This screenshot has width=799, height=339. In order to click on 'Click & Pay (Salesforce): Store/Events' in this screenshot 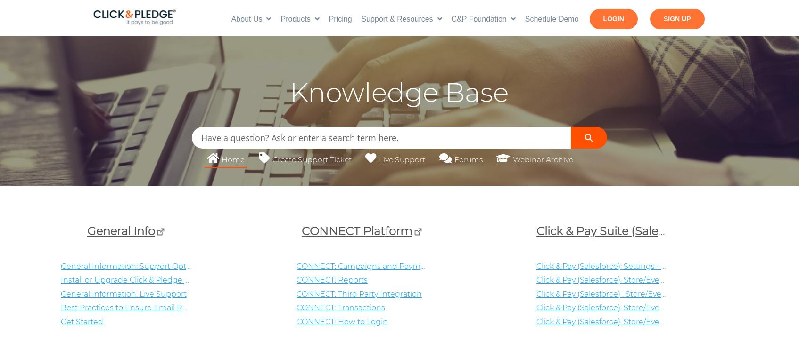, I will do `click(603, 307)`.